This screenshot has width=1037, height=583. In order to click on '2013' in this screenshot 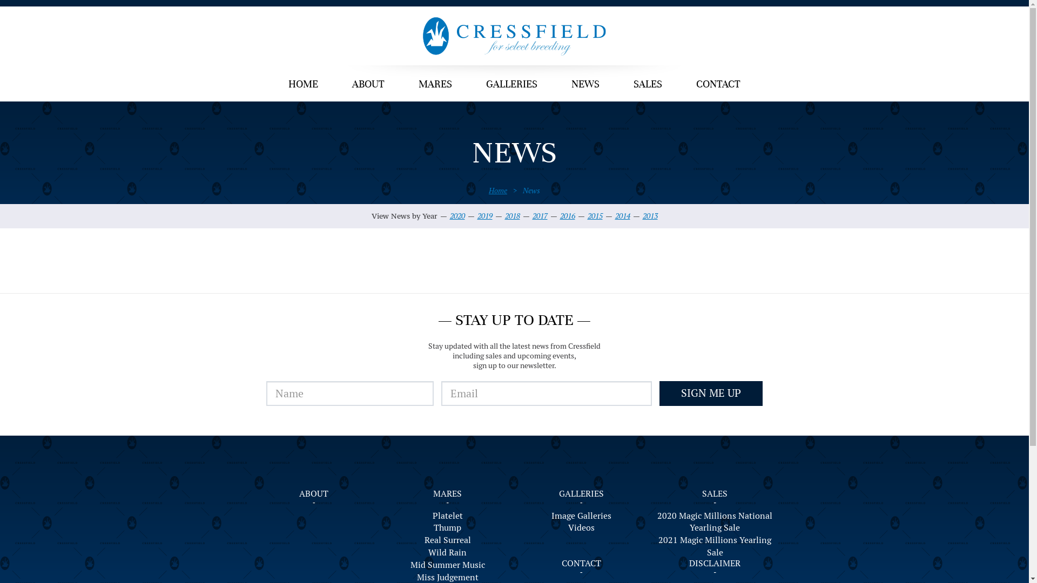, I will do `click(650, 216)`.